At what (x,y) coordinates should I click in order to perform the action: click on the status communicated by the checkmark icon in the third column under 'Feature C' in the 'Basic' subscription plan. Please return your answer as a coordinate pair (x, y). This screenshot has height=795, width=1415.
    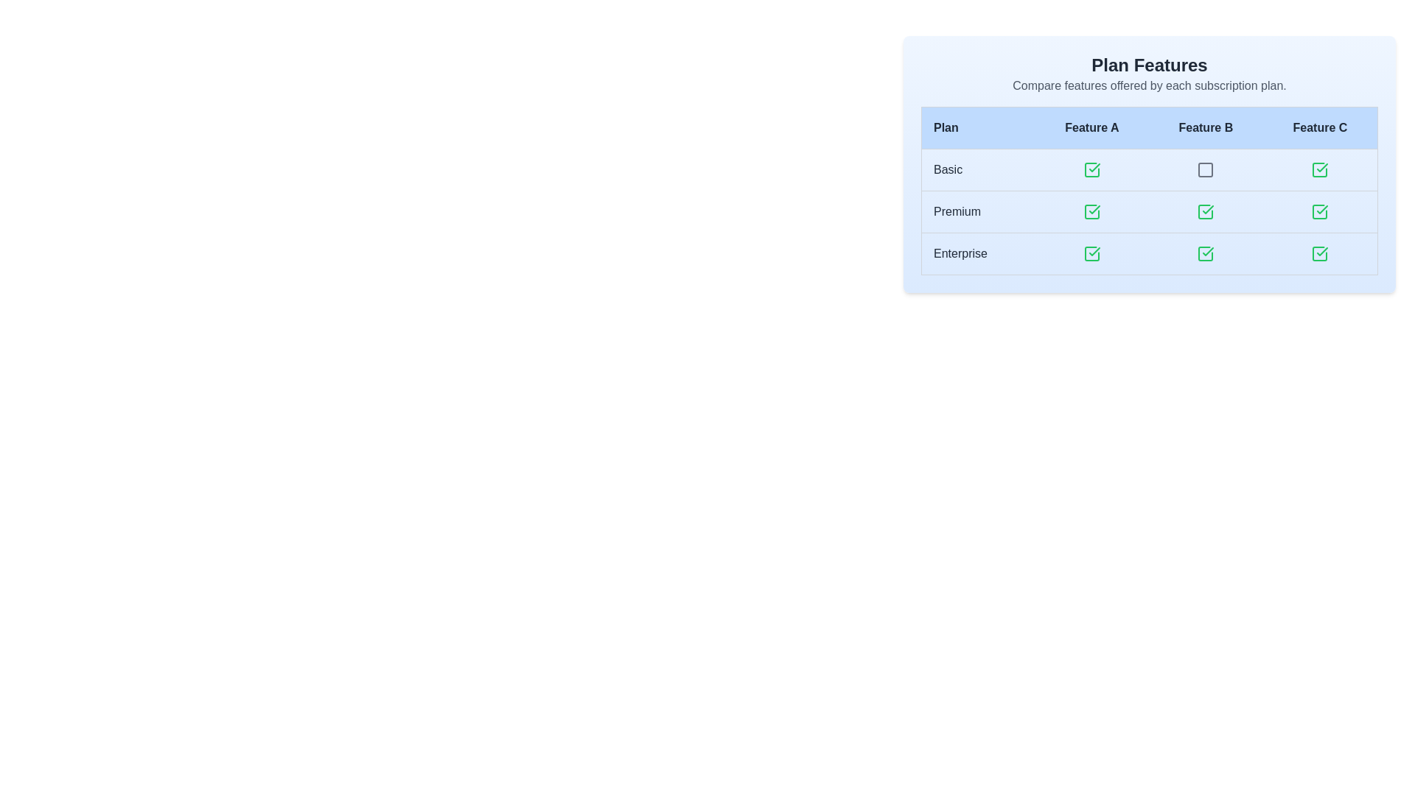
    Looking at the image, I should click on (1320, 169).